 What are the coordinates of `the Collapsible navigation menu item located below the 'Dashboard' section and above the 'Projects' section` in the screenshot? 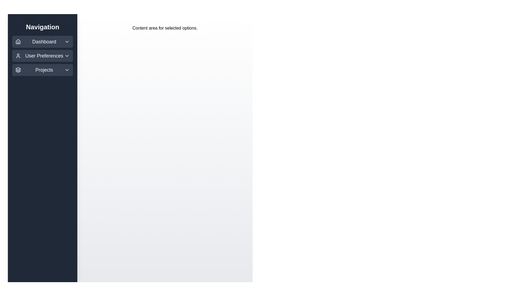 It's located at (42, 56).